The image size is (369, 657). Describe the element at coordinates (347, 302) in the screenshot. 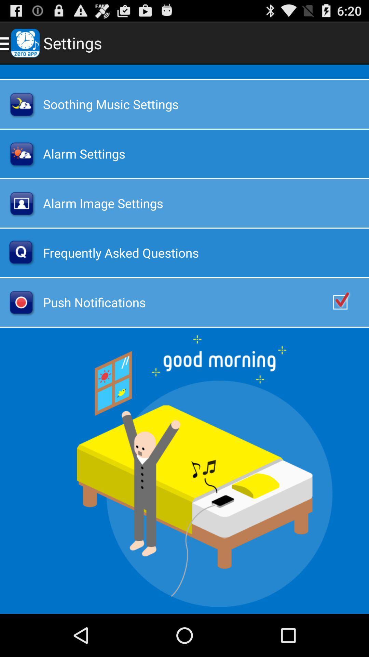

I see `accept` at that location.